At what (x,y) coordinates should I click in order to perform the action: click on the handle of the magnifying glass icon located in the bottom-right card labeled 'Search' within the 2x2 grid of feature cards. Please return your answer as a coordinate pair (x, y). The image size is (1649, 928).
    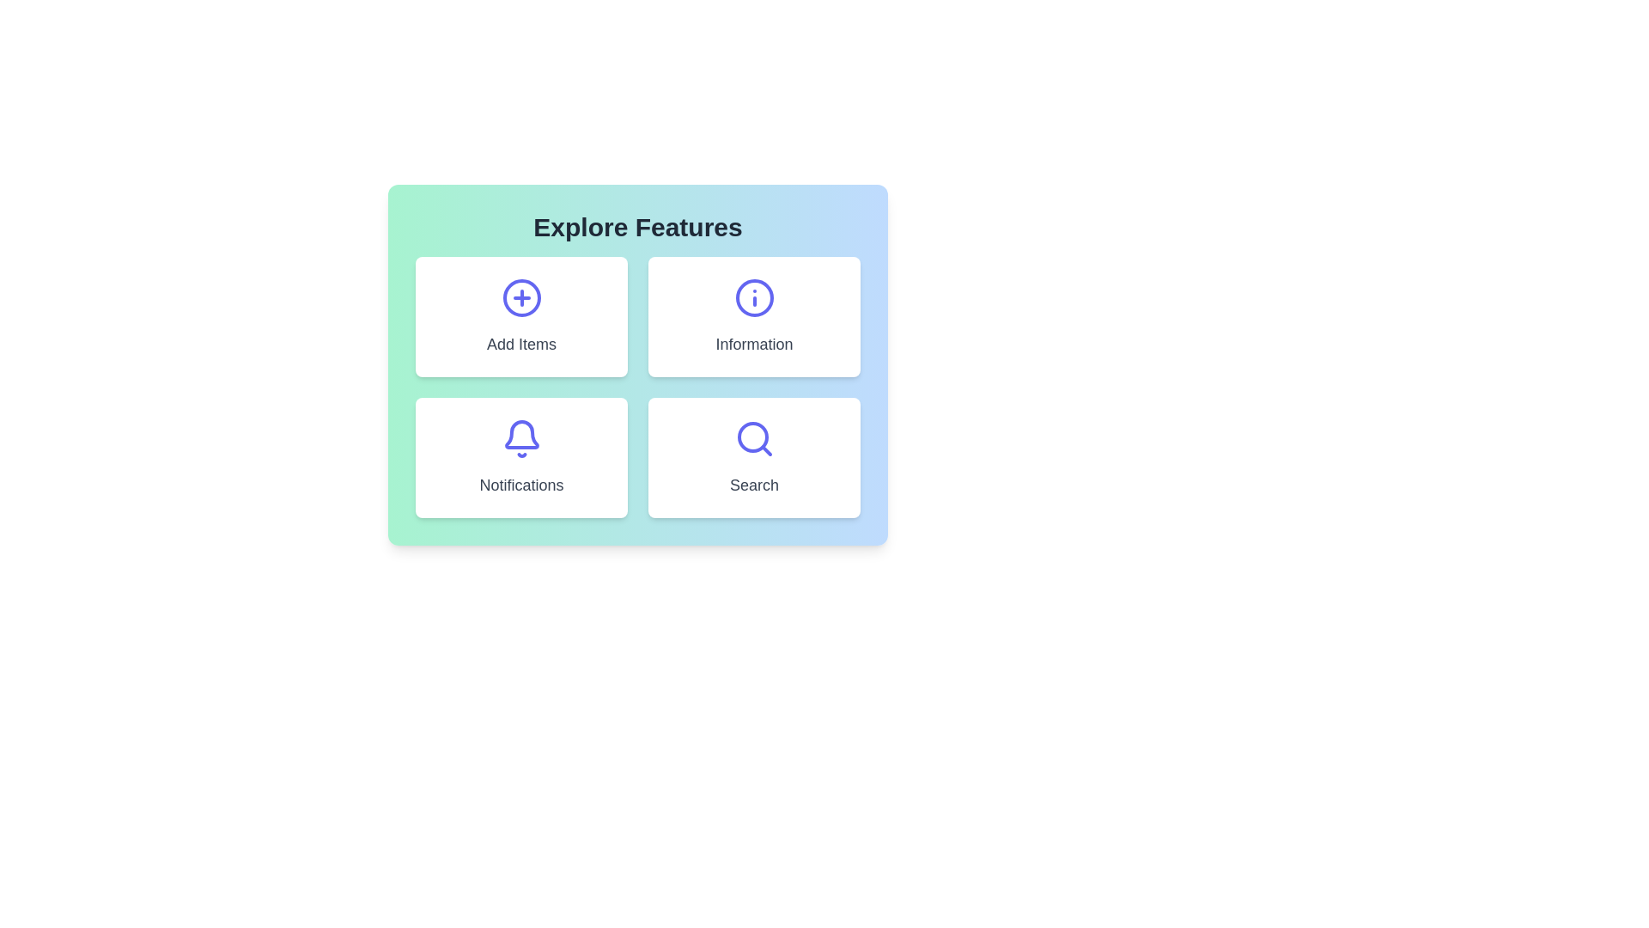
    Looking at the image, I should click on (765, 449).